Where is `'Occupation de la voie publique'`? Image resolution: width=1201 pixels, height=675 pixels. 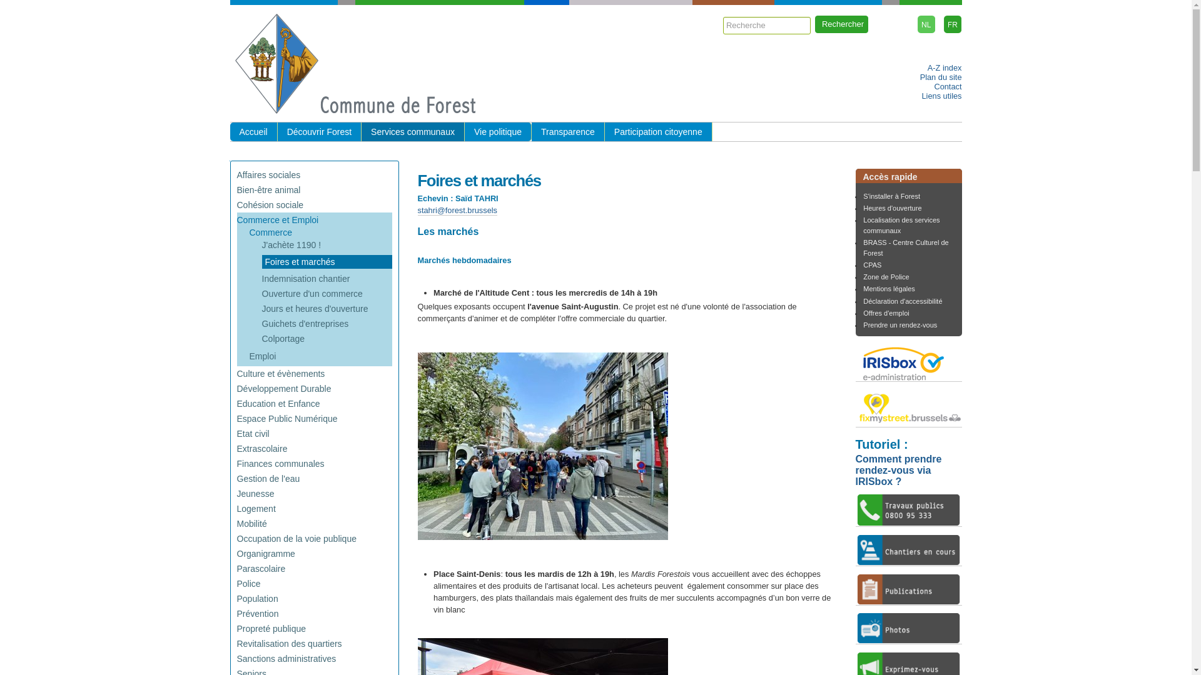 'Occupation de la voie publique' is located at coordinates (295, 537).